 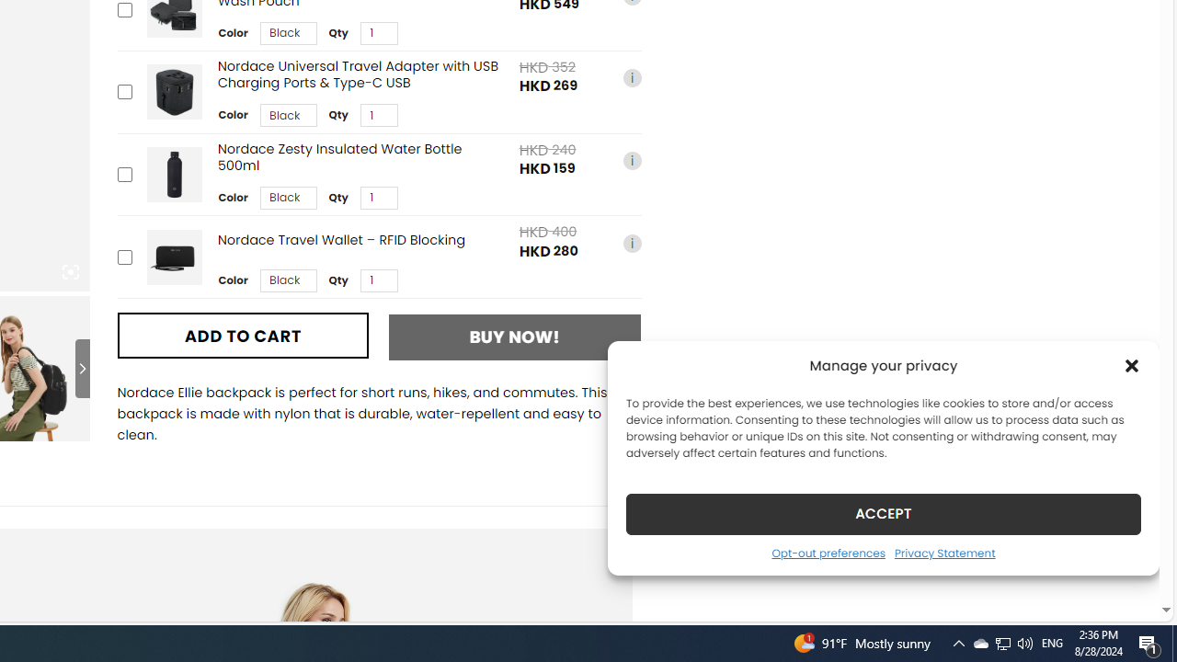 I want to click on 'User Promoted Notification Area', so click(x=1001, y=642).